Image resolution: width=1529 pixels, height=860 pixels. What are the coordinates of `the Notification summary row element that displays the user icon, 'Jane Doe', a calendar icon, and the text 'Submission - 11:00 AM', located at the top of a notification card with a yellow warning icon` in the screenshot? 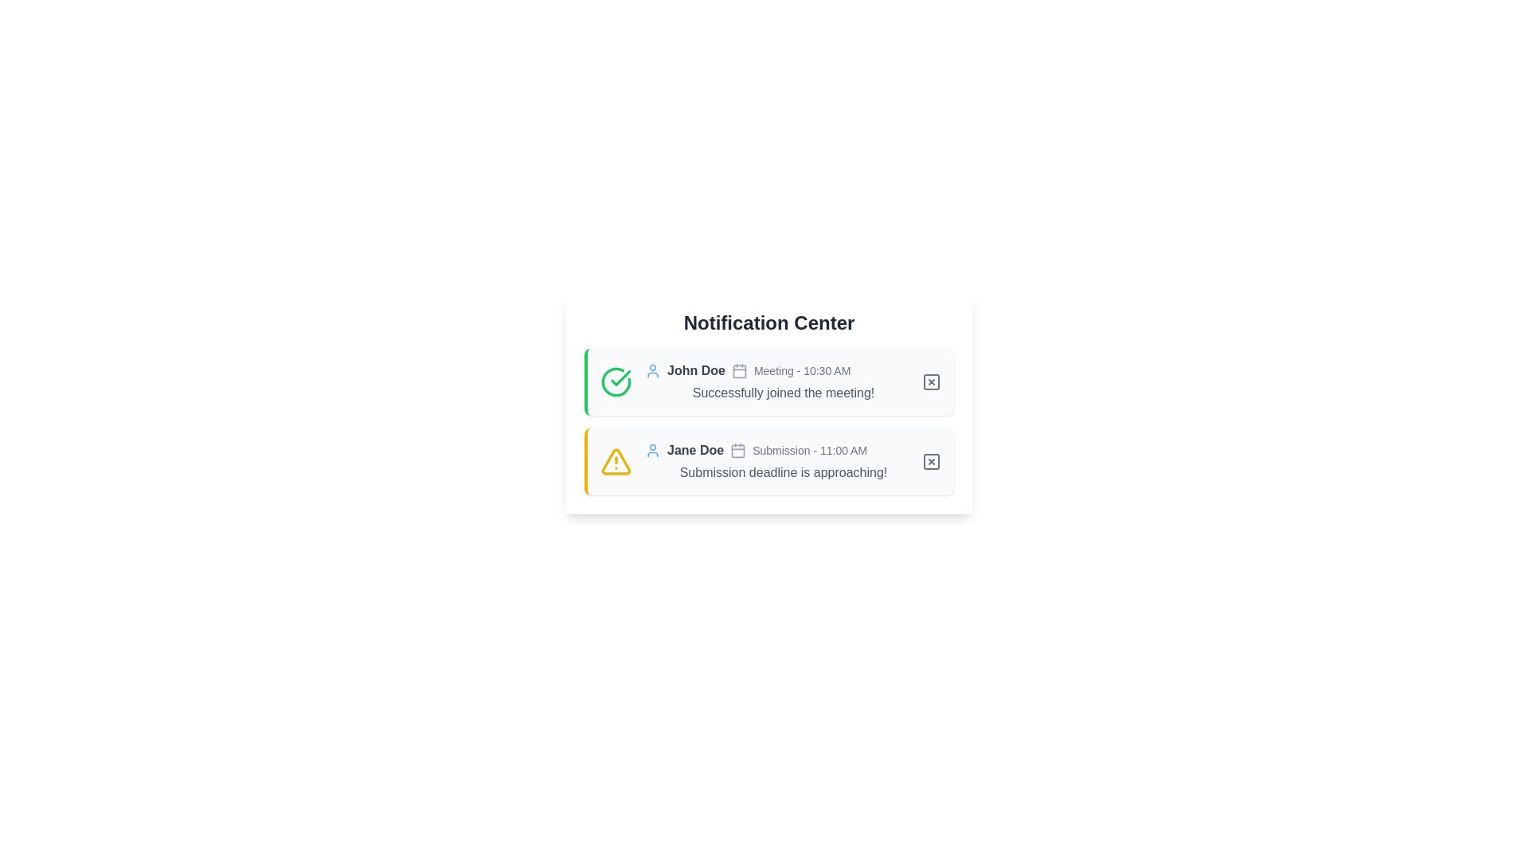 It's located at (783, 451).